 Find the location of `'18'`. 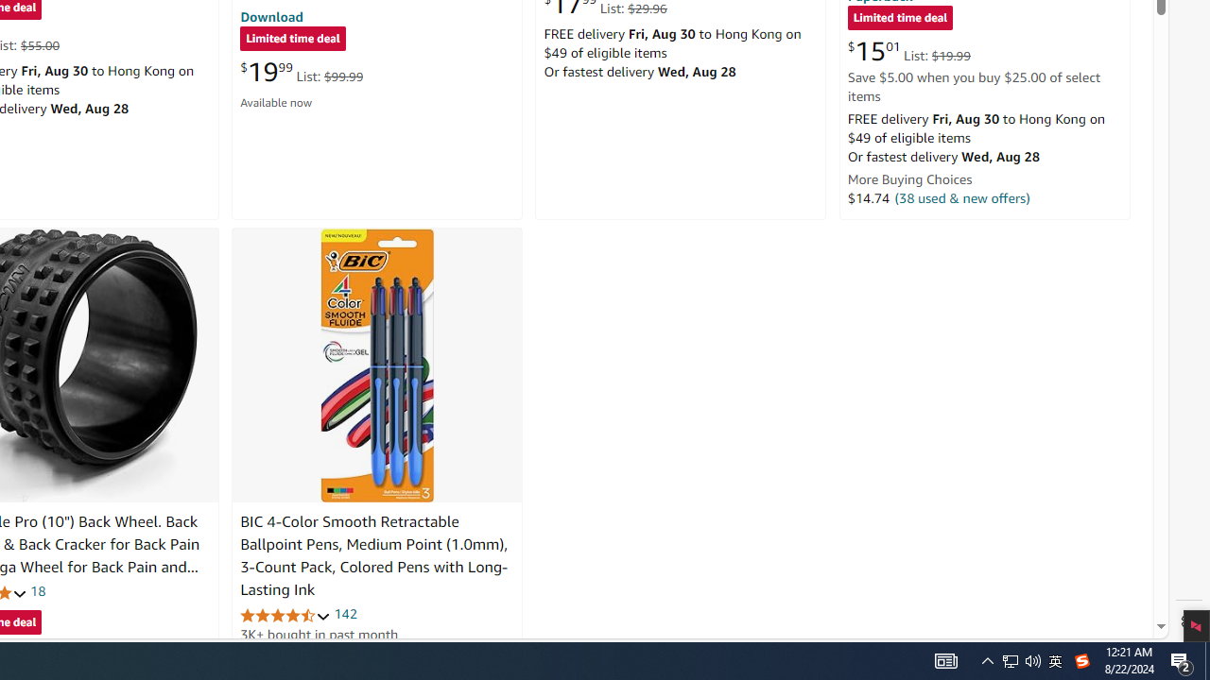

'18' is located at coordinates (38, 590).